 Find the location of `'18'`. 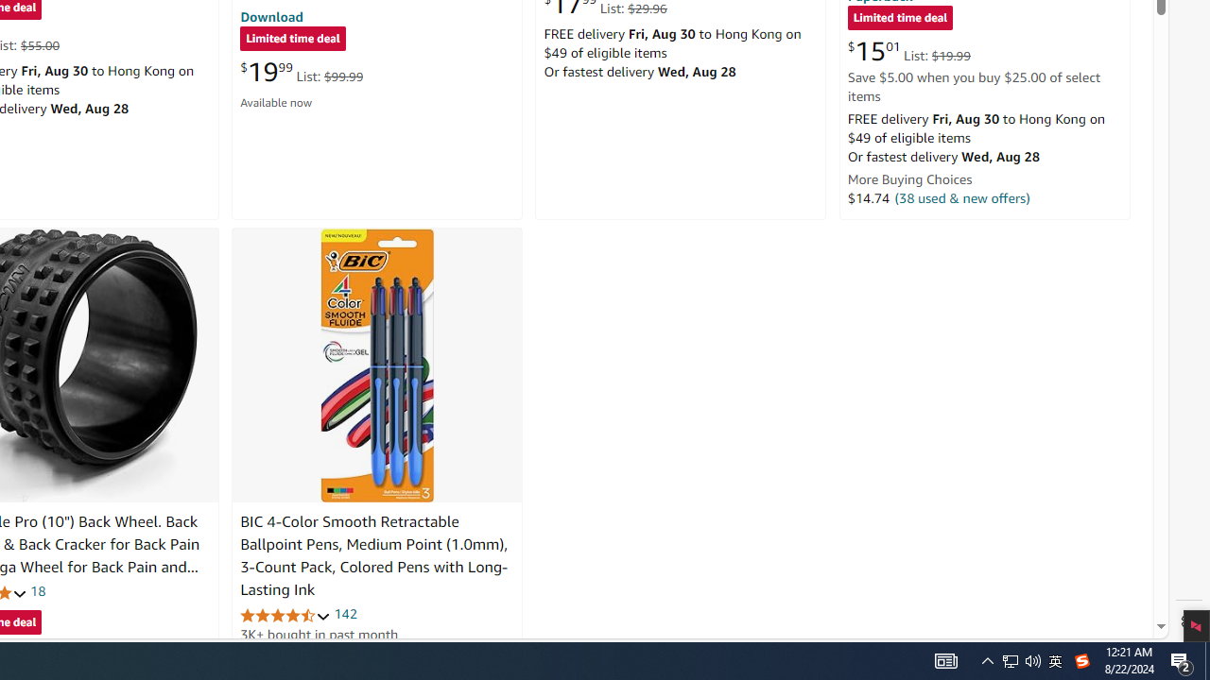

'18' is located at coordinates (38, 590).